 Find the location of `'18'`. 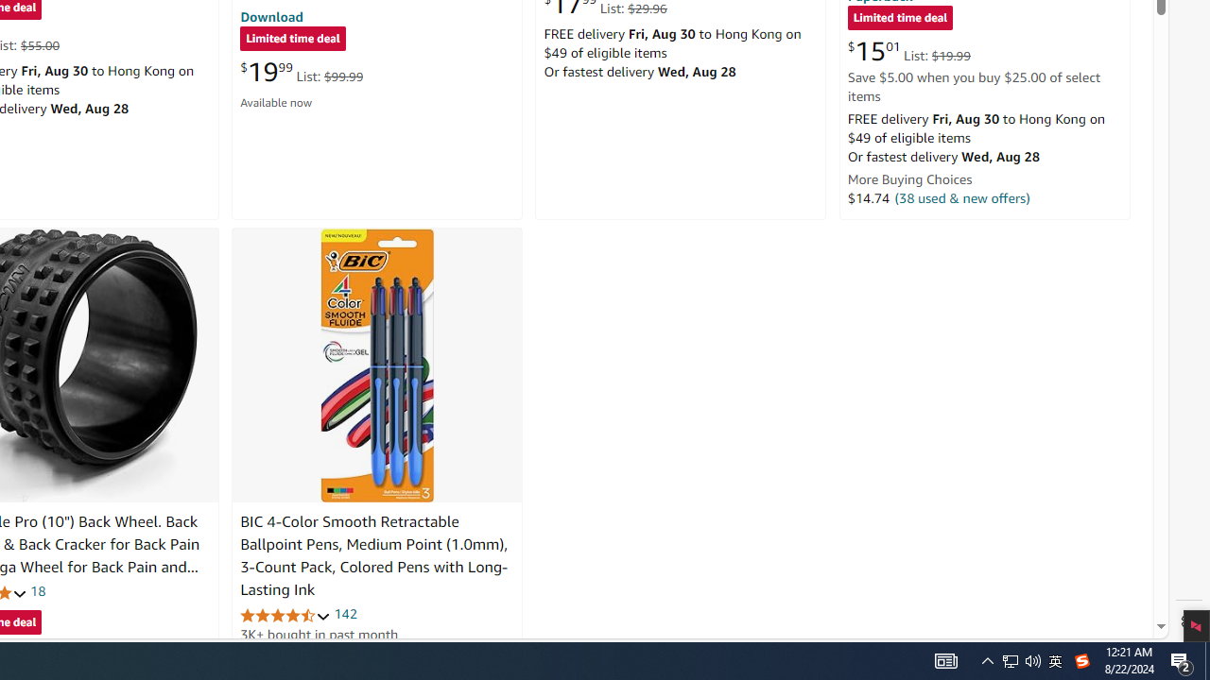

'18' is located at coordinates (38, 590).